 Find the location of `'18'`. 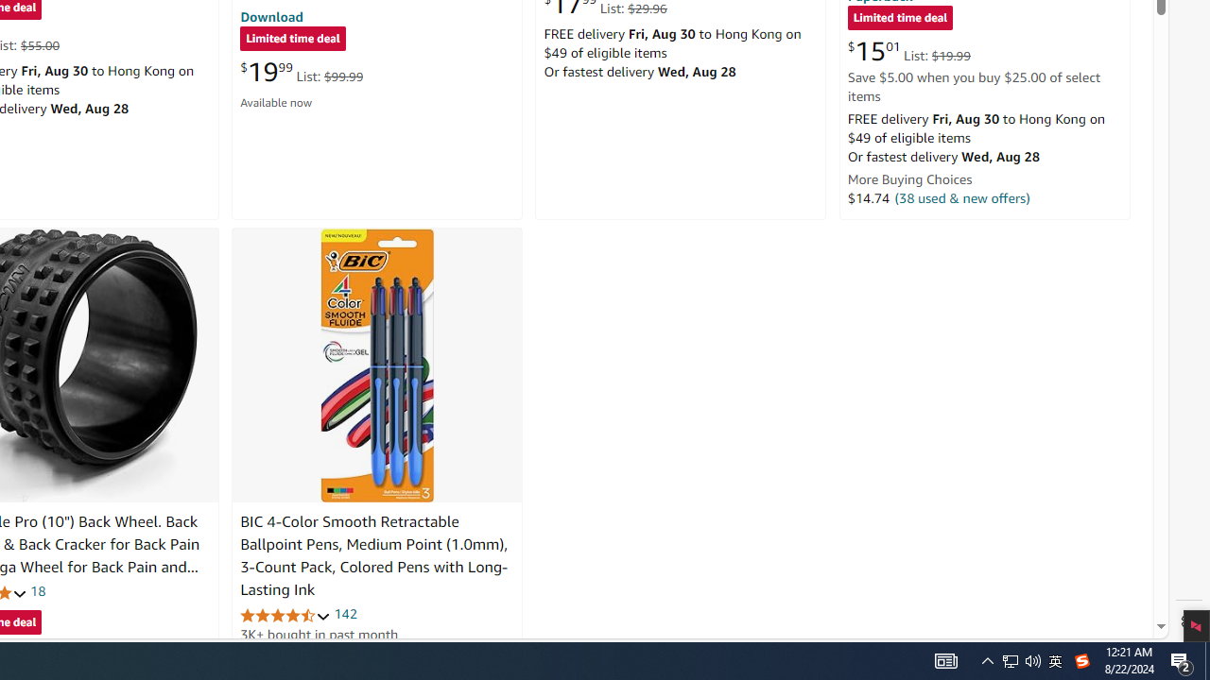

'18' is located at coordinates (38, 590).